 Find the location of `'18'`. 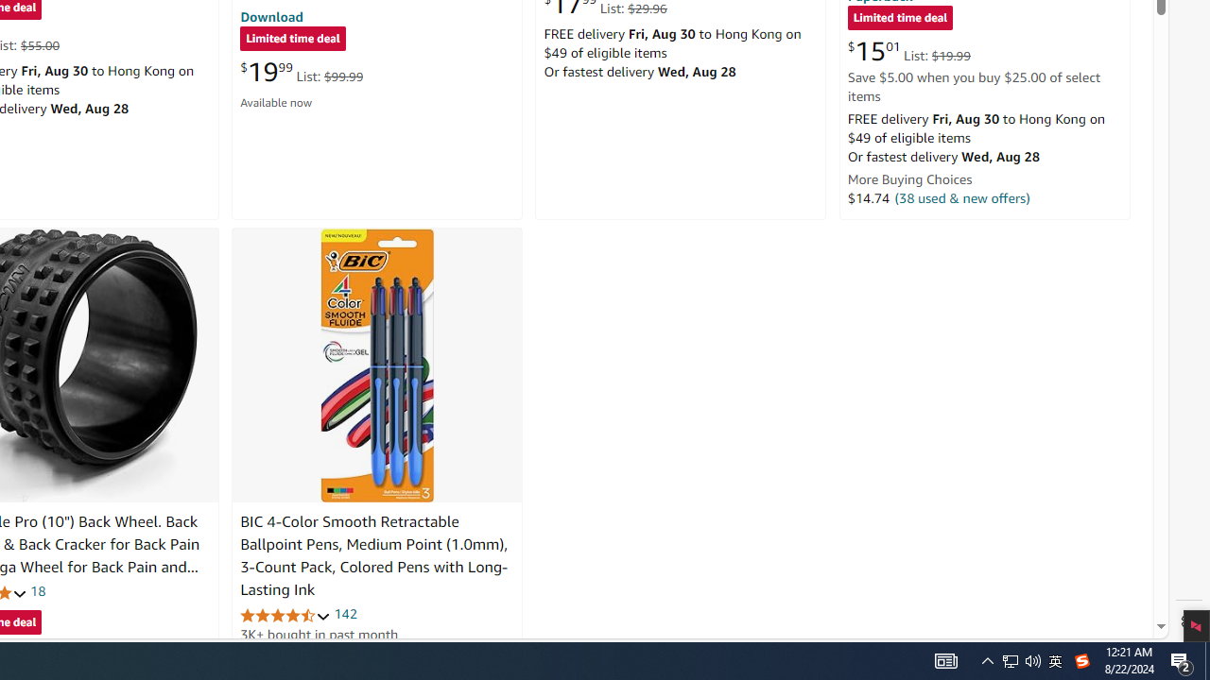

'18' is located at coordinates (38, 590).